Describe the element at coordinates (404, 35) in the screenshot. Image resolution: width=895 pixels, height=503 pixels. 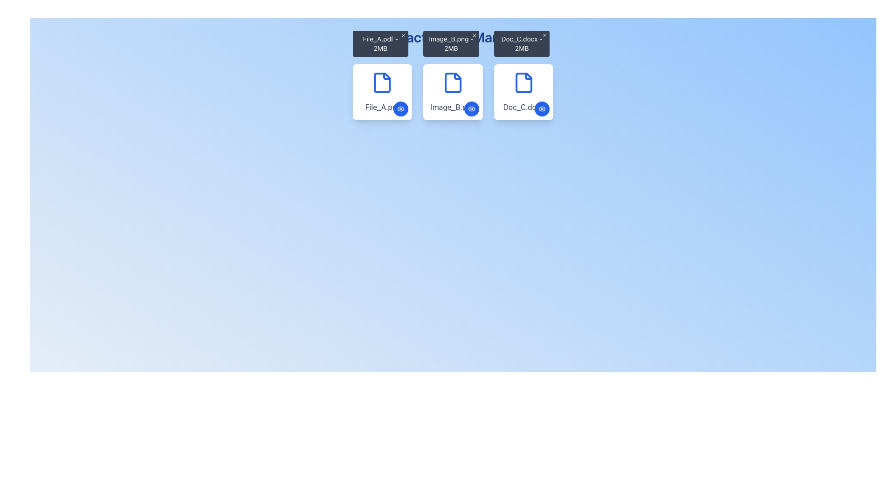
I see `the close button (X icon) located in the top-right corner of the tooltip displaying 'File_A.pdf - 2MB'` at that location.